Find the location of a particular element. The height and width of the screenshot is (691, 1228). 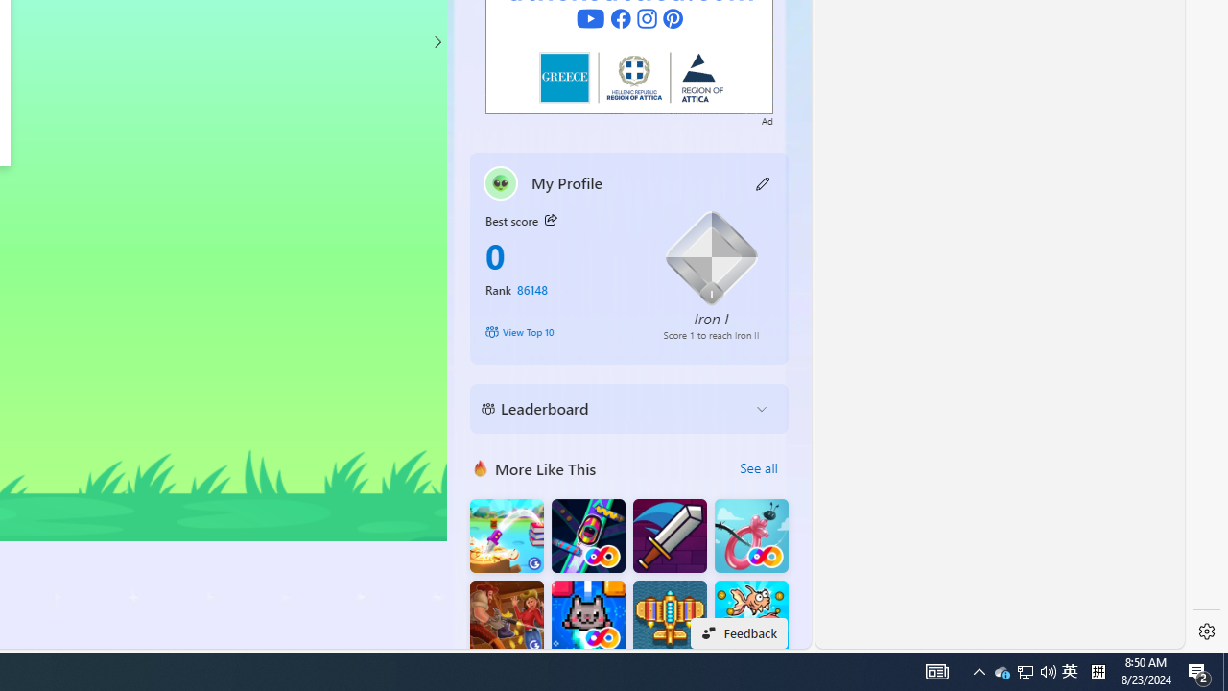

'Bumper Car FRVR' is located at coordinates (587, 536).